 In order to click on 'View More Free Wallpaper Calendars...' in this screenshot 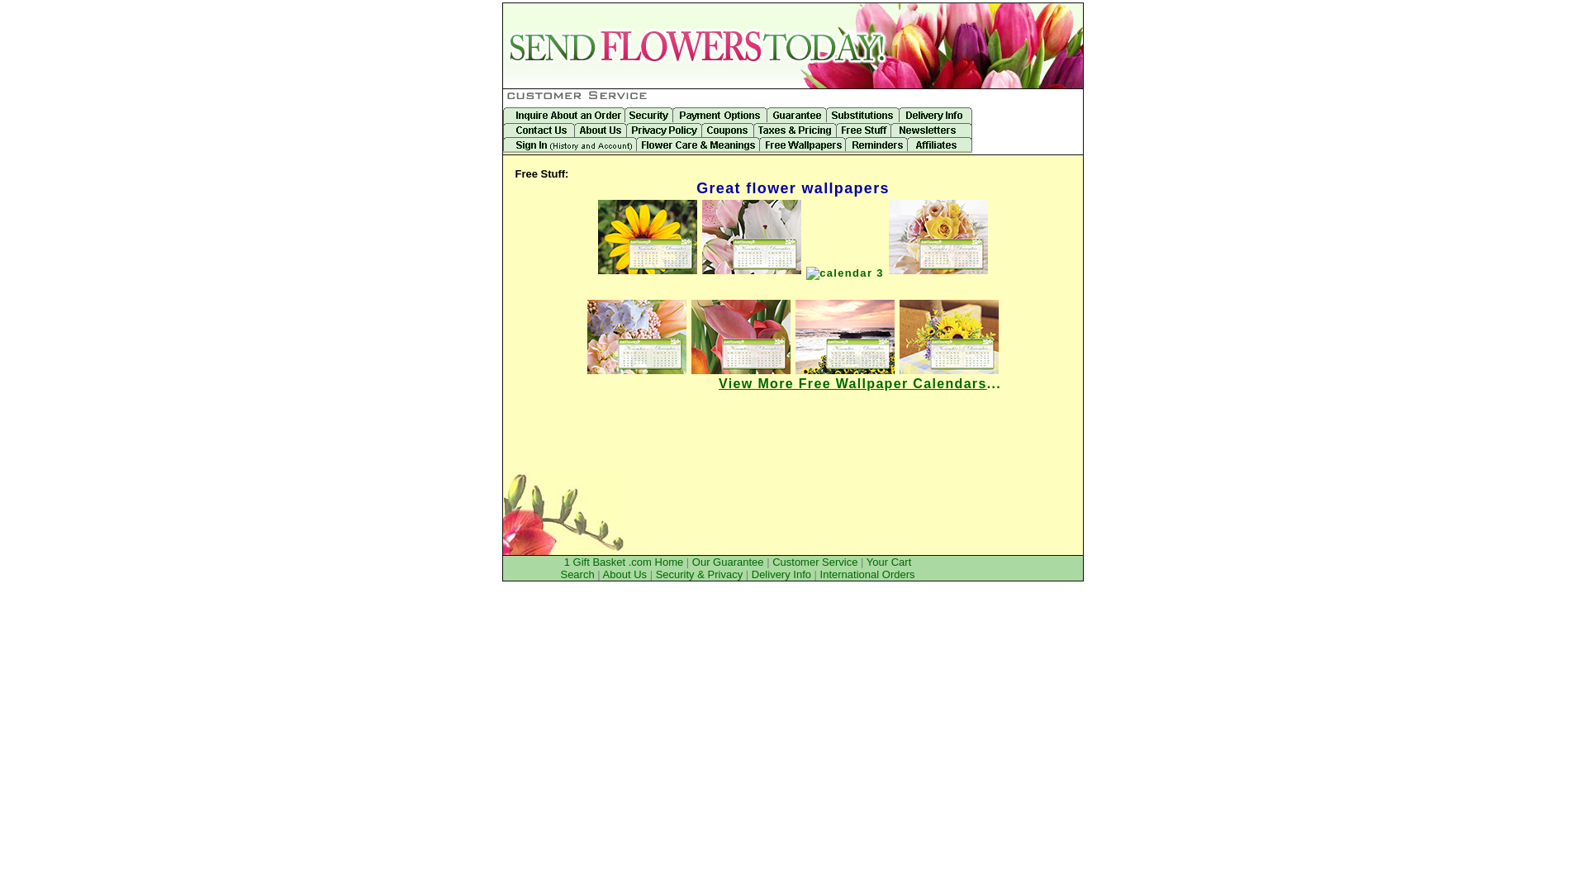, I will do `click(859, 383)`.